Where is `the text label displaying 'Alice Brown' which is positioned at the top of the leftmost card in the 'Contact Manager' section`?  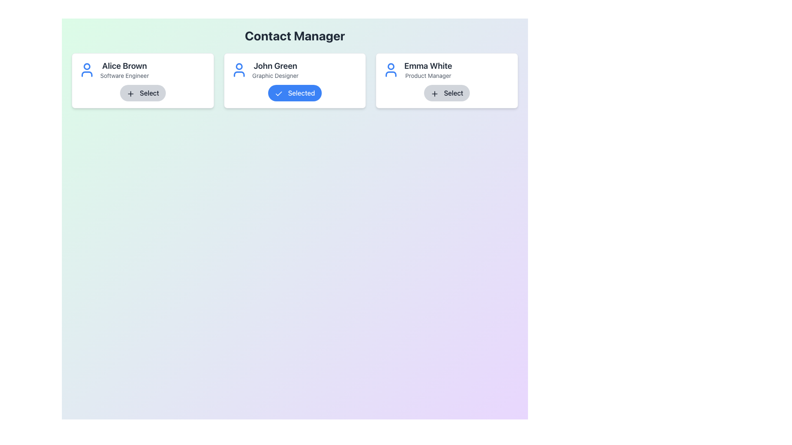 the text label displaying 'Alice Brown' which is positioned at the top of the leftmost card in the 'Contact Manager' section is located at coordinates (124, 65).